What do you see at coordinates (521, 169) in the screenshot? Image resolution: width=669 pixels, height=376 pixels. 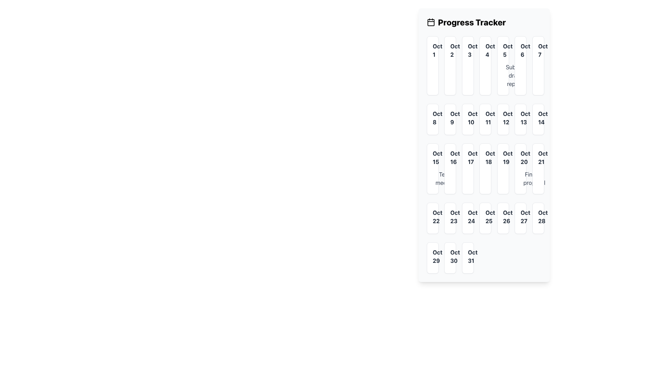 I see `events associated with the day tile component displaying 'Oct 20' and 'Finalize proposal'` at bounding box center [521, 169].